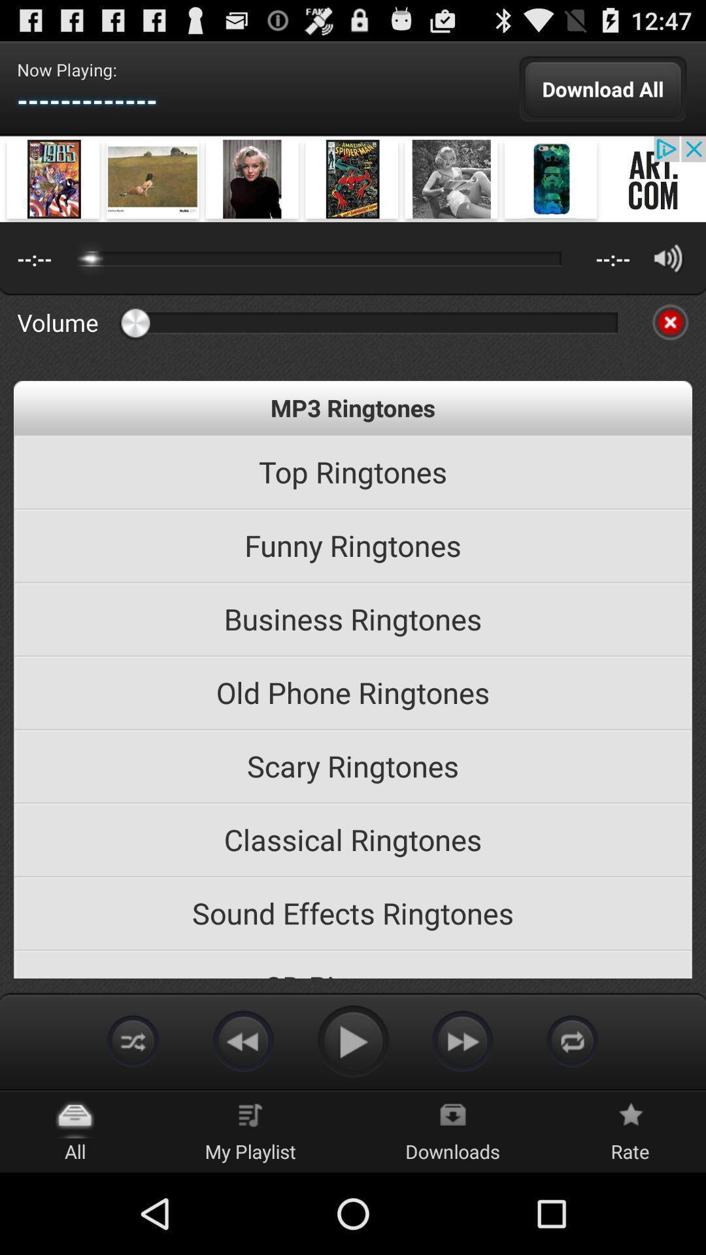 This screenshot has width=706, height=1255. Describe the element at coordinates (353, 1113) in the screenshot. I see `the play icon` at that location.